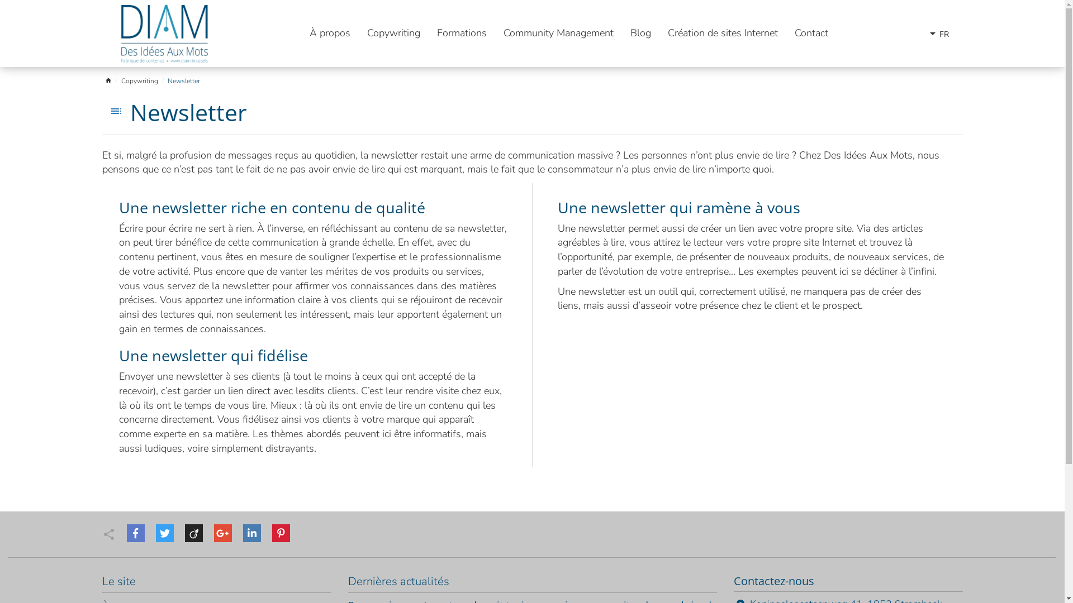 This screenshot has width=1073, height=603. Describe the element at coordinates (126, 533) in the screenshot. I see `'Facebook'` at that location.